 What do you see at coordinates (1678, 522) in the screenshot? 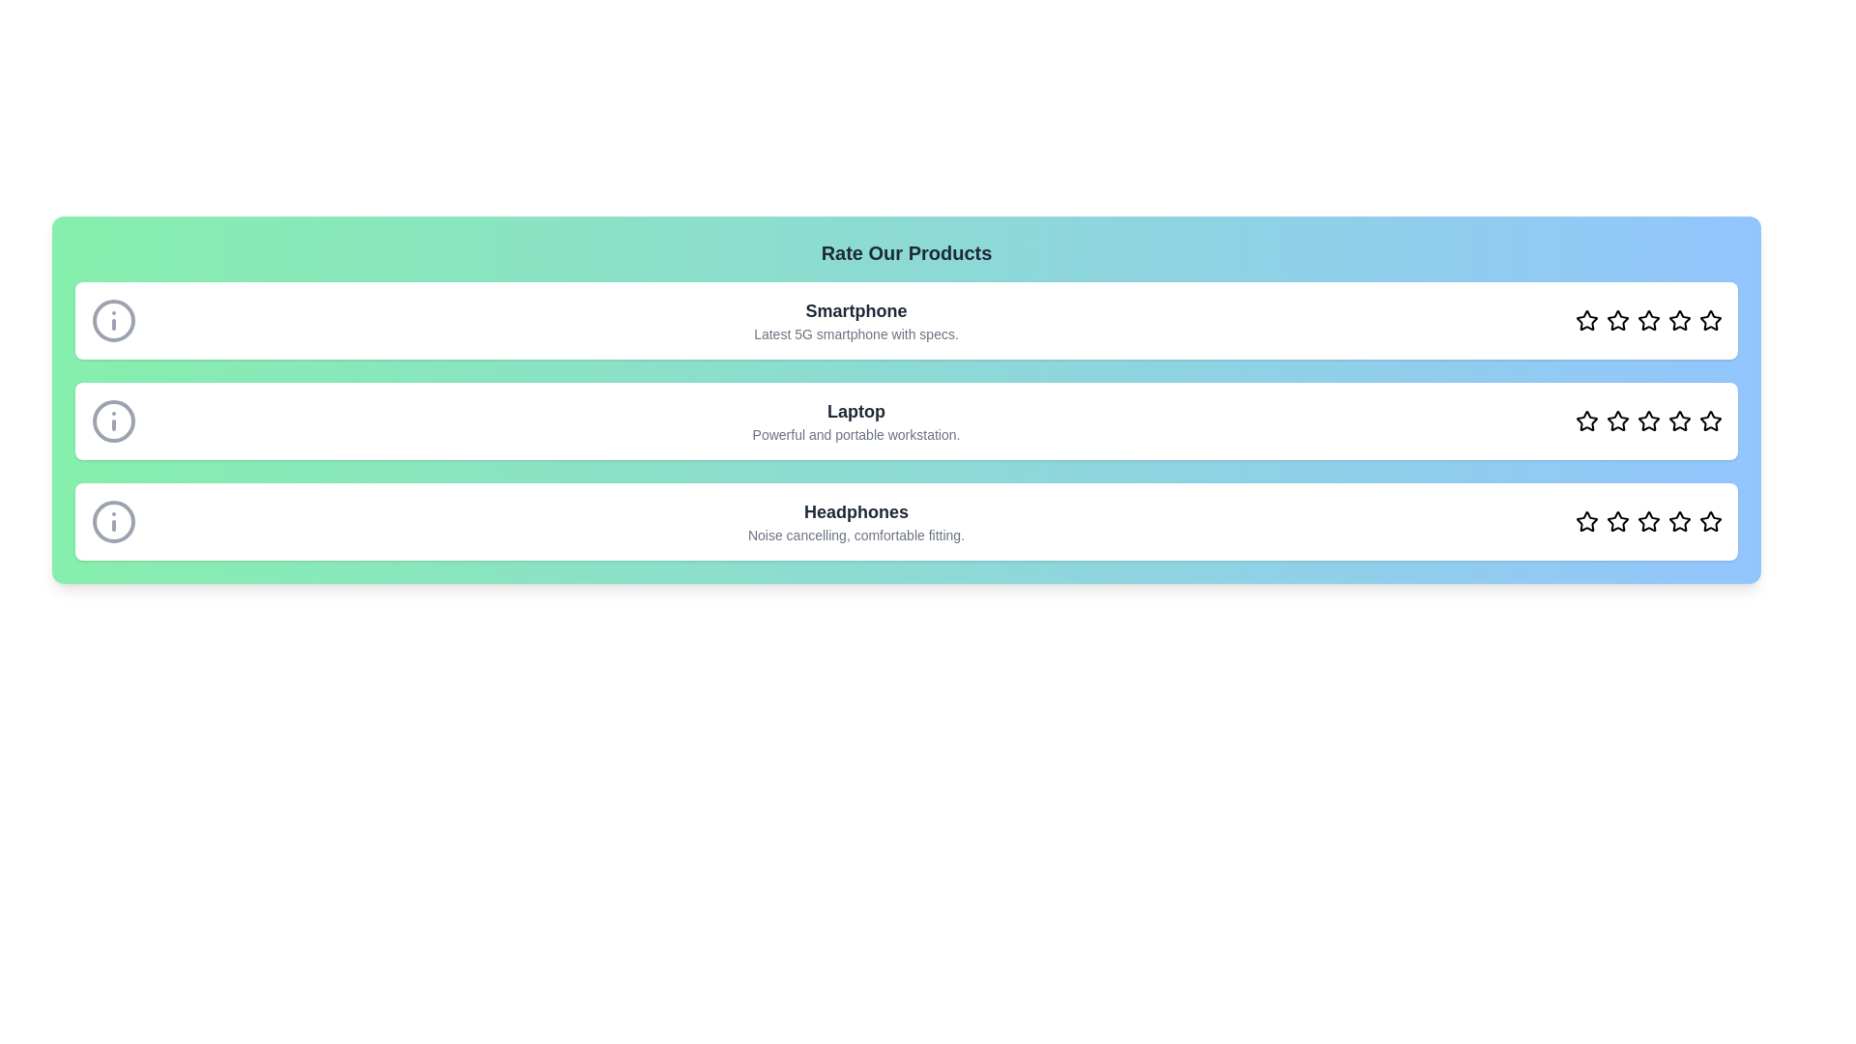
I see `the fifth star icon in the rating row for the 'Headphones' section` at bounding box center [1678, 522].